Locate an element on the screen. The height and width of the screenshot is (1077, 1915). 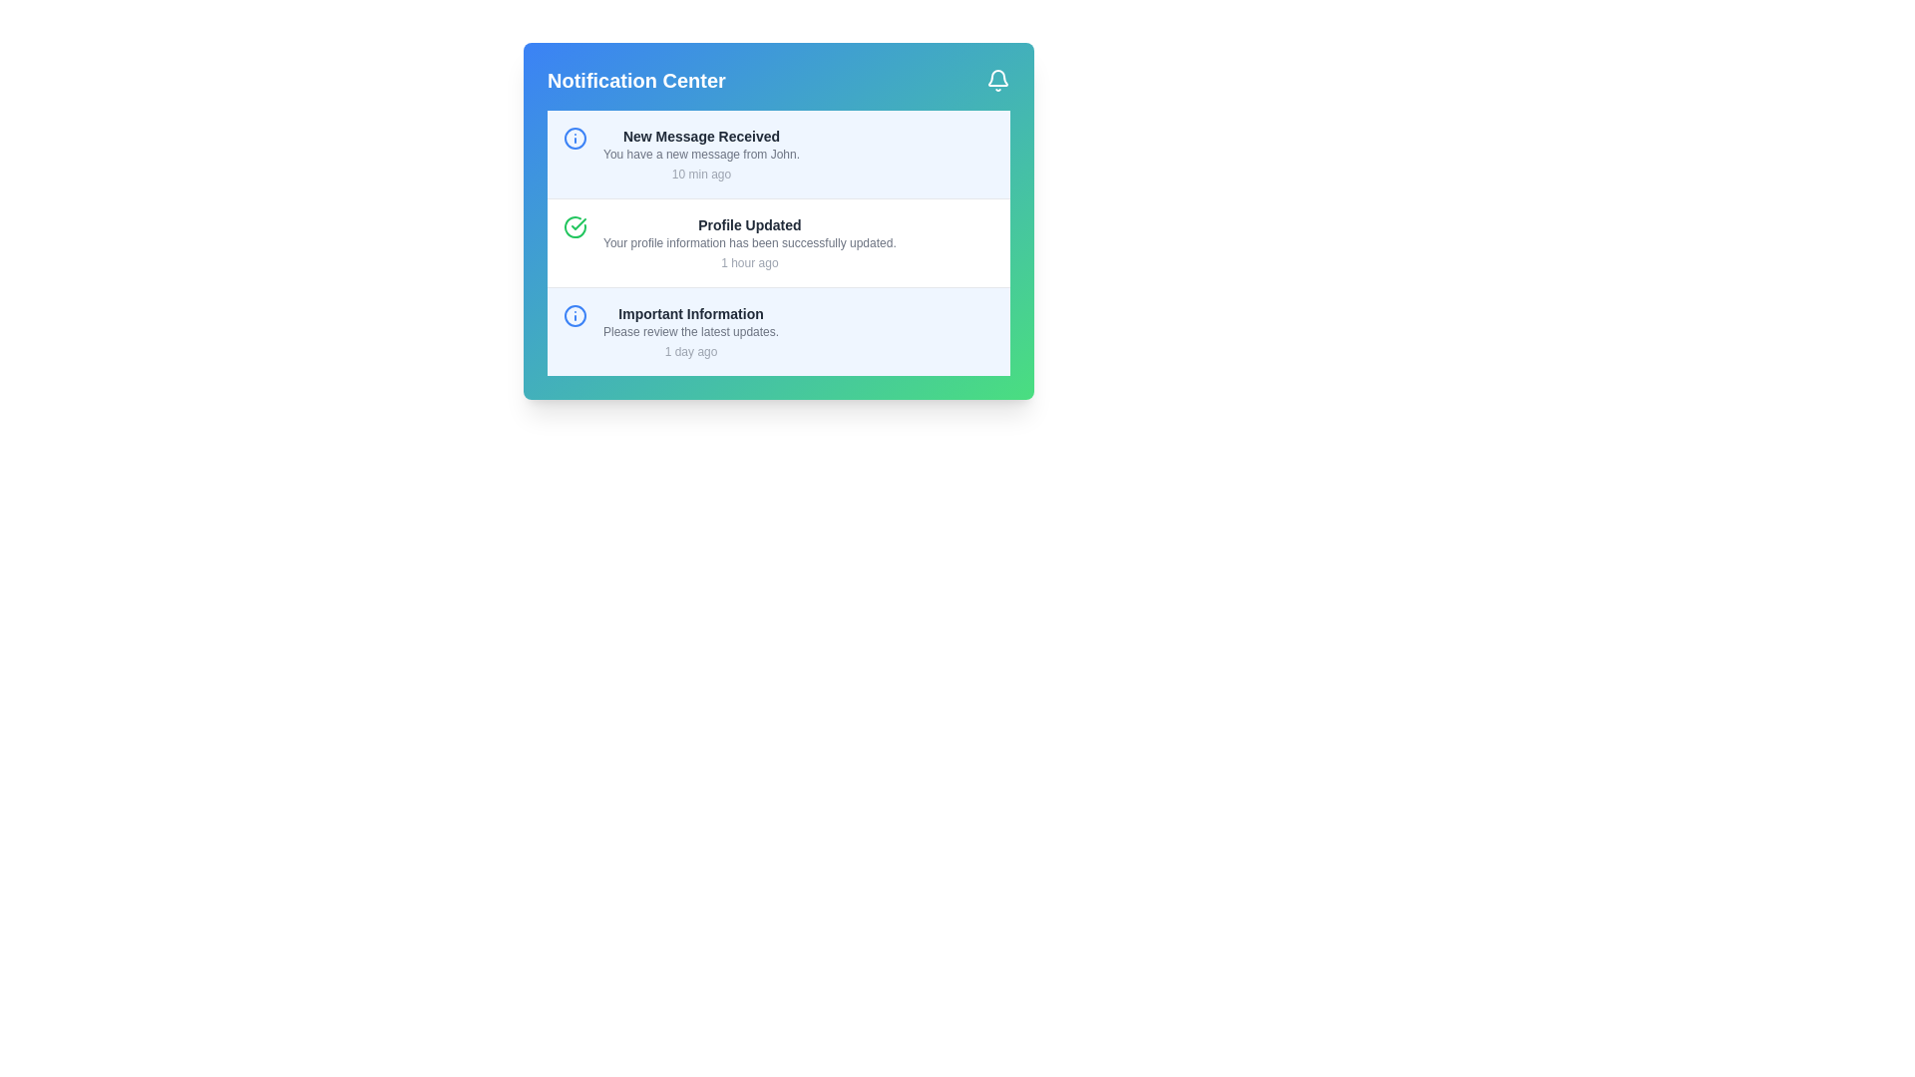
bold text label 'Notification Center' which is prominently displayed in the header of the notification section against a gradient blue-green background is located at coordinates (635, 80).